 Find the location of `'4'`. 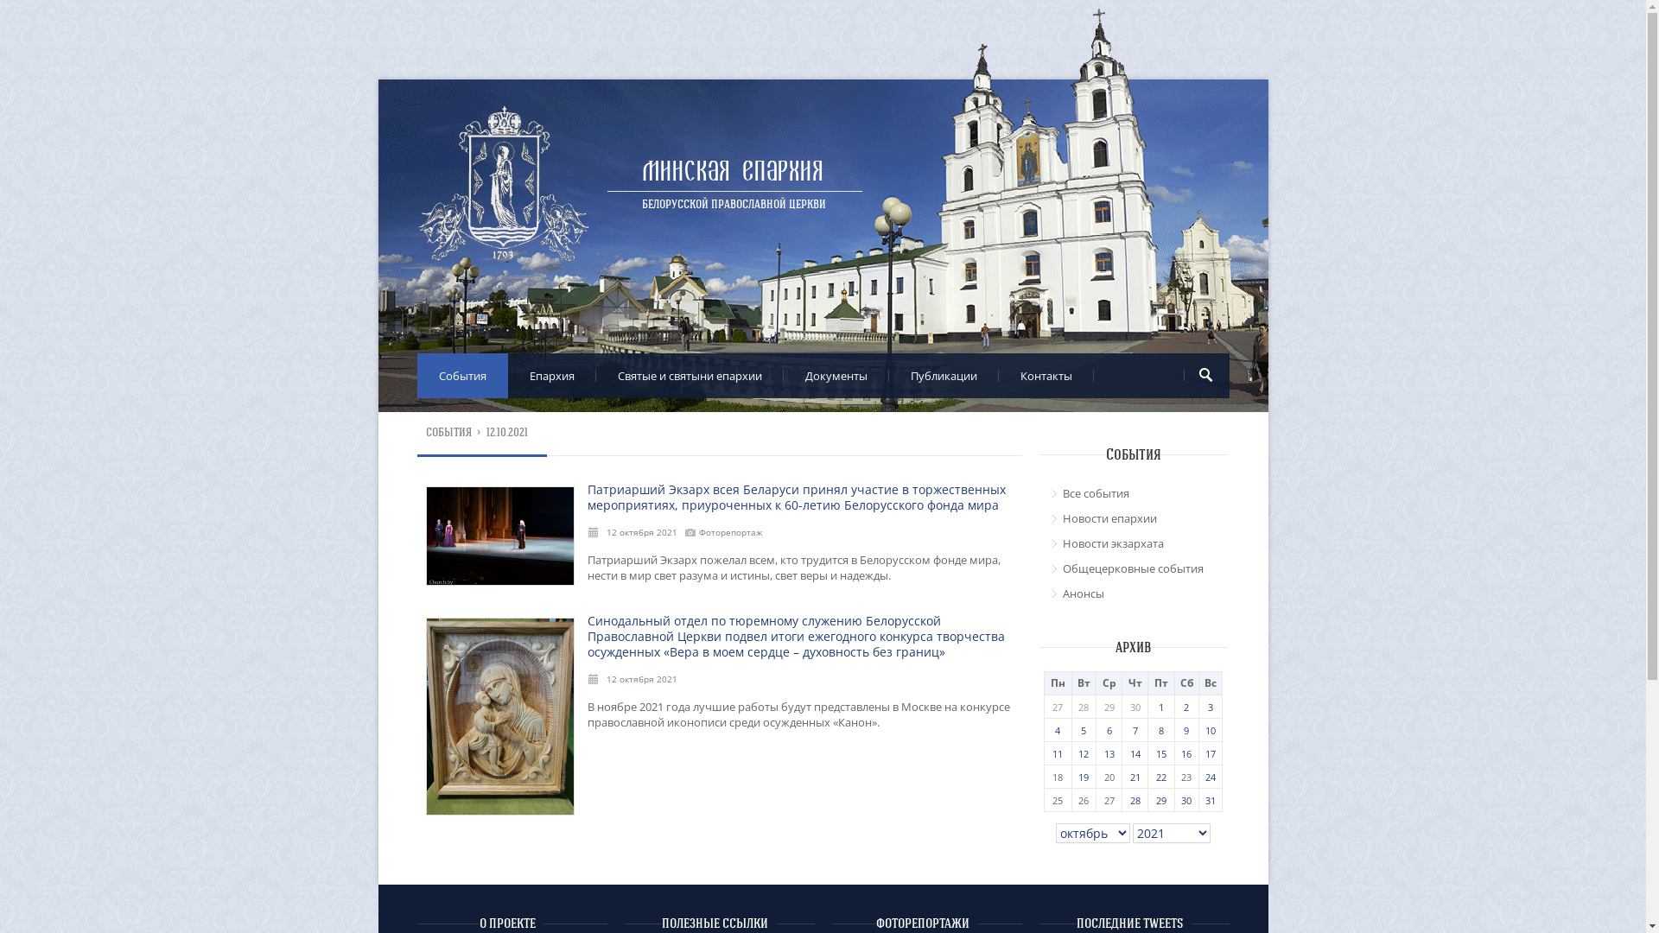

'4' is located at coordinates (1057, 730).